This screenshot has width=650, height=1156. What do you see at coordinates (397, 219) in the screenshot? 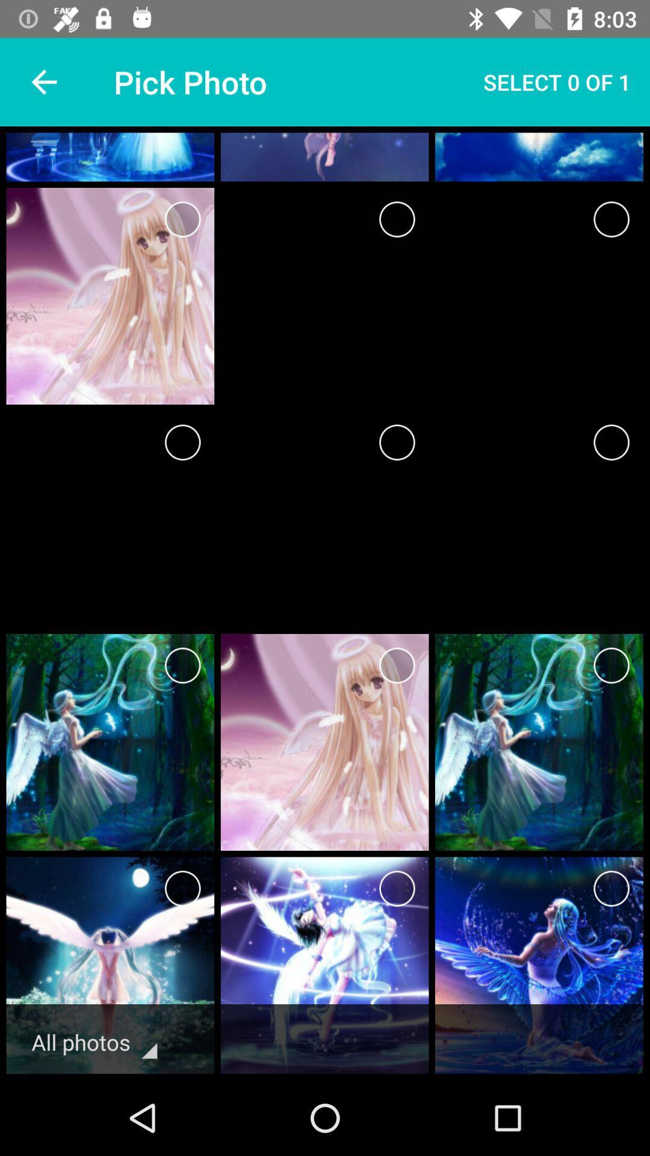
I see `include picture` at bounding box center [397, 219].